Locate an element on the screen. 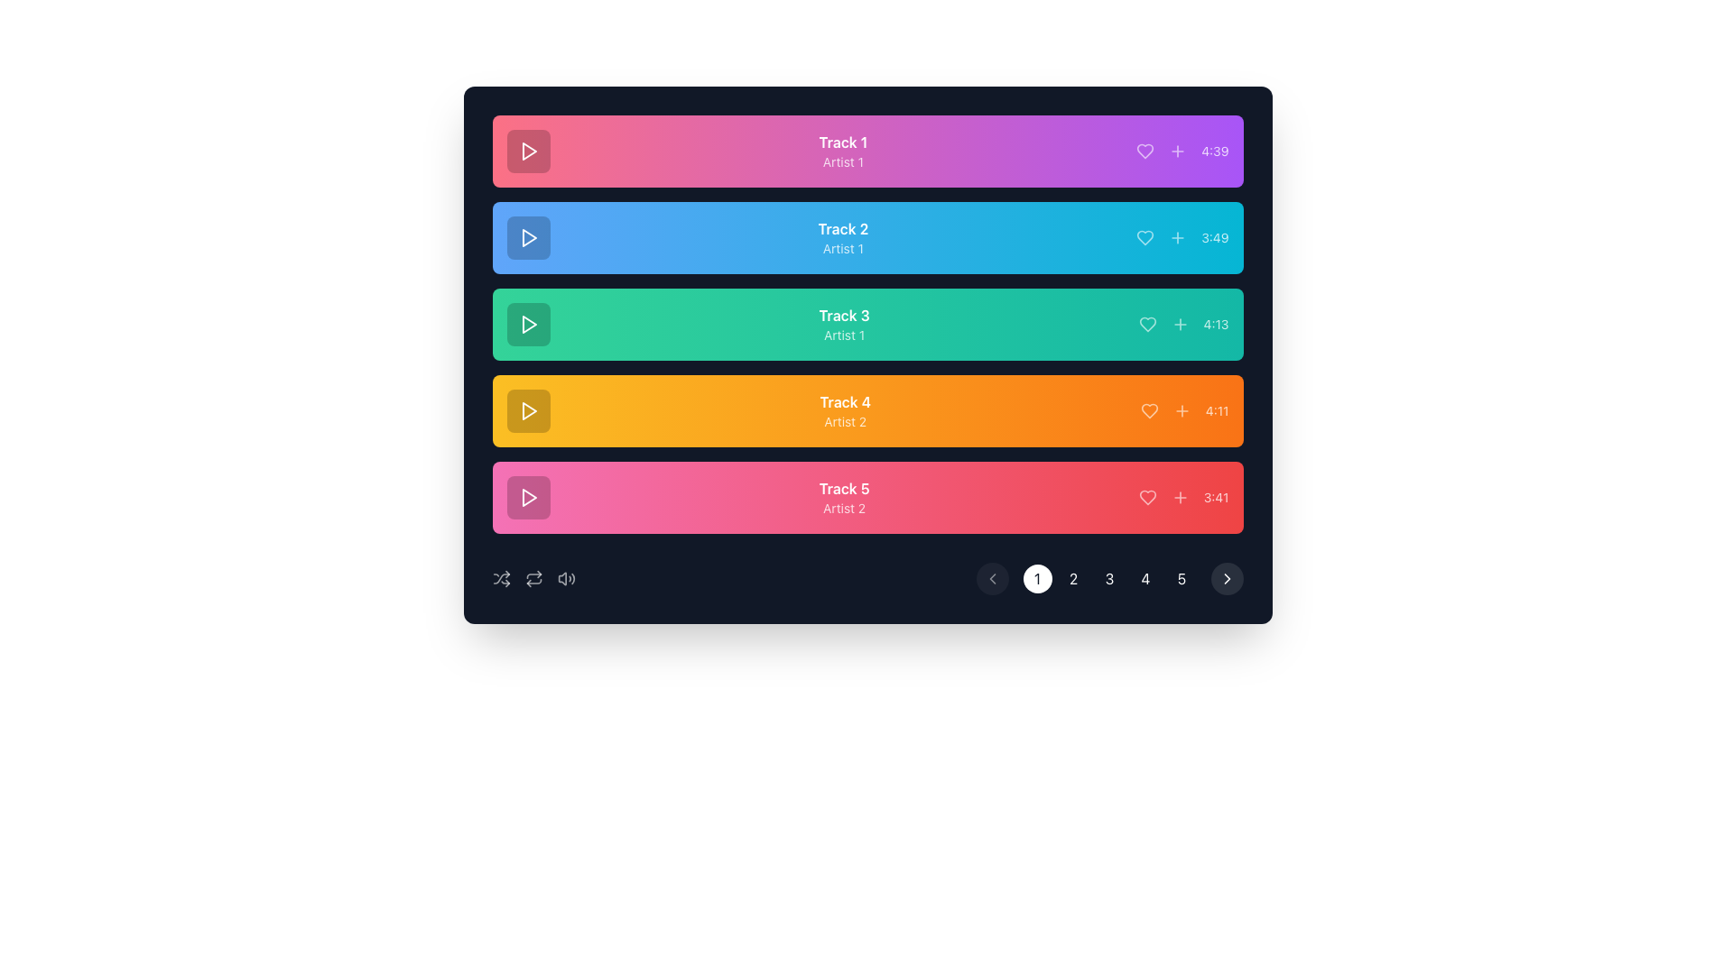 This screenshot has height=974, width=1733. the small '+' icon button located in the track listing interface for 'Track 2', positioned to the right of the heart symbol and to the left of the track duration '3:49' is located at coordinates (1178, 236).